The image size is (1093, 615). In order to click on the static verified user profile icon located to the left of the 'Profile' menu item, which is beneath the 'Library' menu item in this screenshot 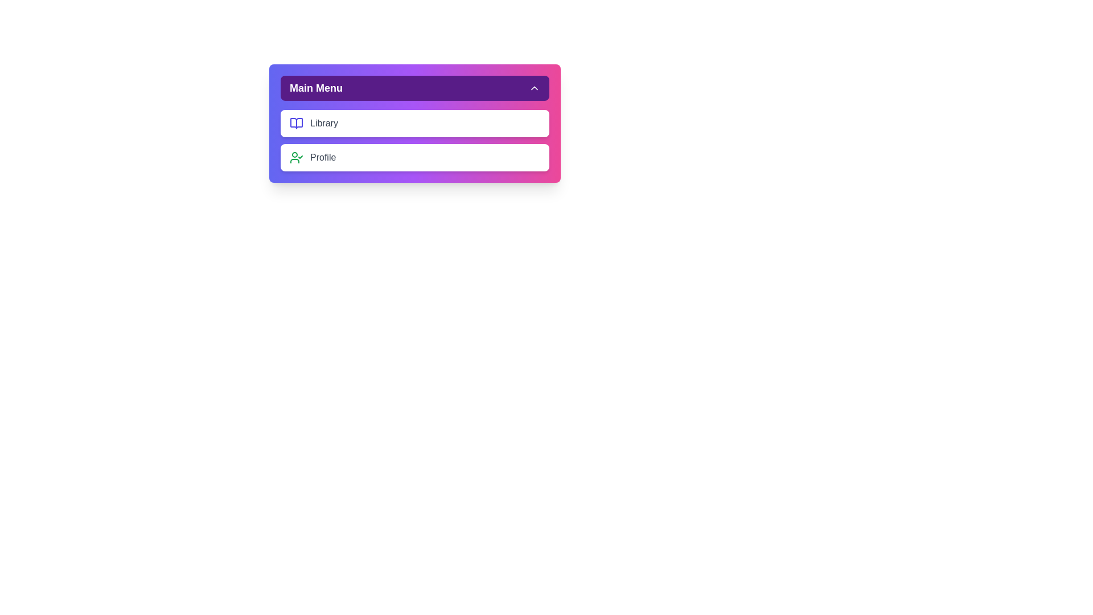, I will do `click(297, 158)`.